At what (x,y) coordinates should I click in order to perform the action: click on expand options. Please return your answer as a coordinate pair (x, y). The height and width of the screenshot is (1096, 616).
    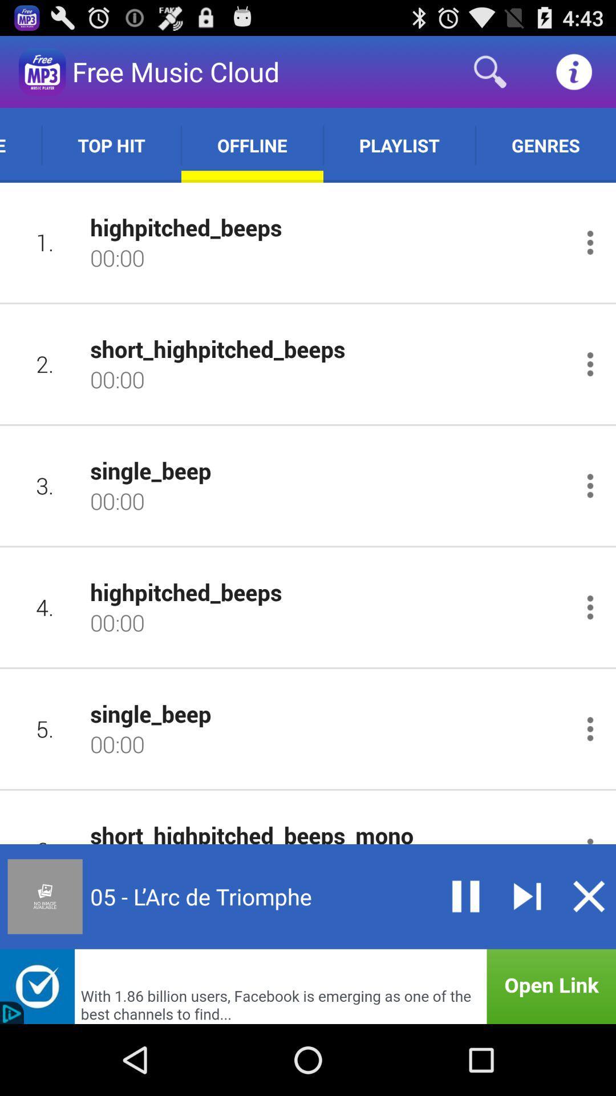
    Looking at the image, I should click on (590, 728).